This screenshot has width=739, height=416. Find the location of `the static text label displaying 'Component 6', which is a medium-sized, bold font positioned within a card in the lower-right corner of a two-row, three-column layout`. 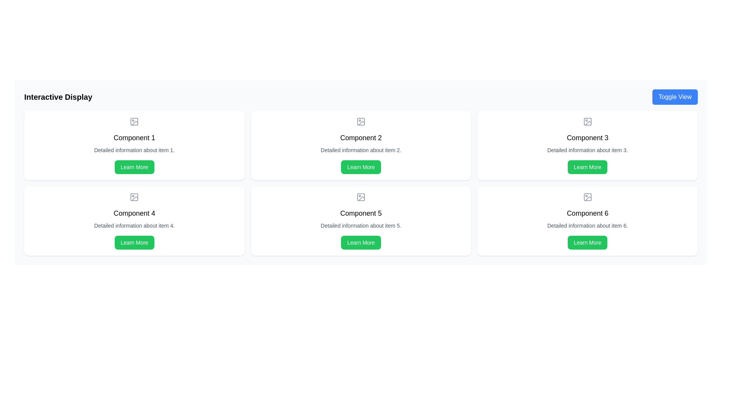

the static text label displaying 'Component 6', which is a medium-sized, bold font positioned within a card in the lower-right corner of a two-row, three-column layout is located at coordinates (587, 213).